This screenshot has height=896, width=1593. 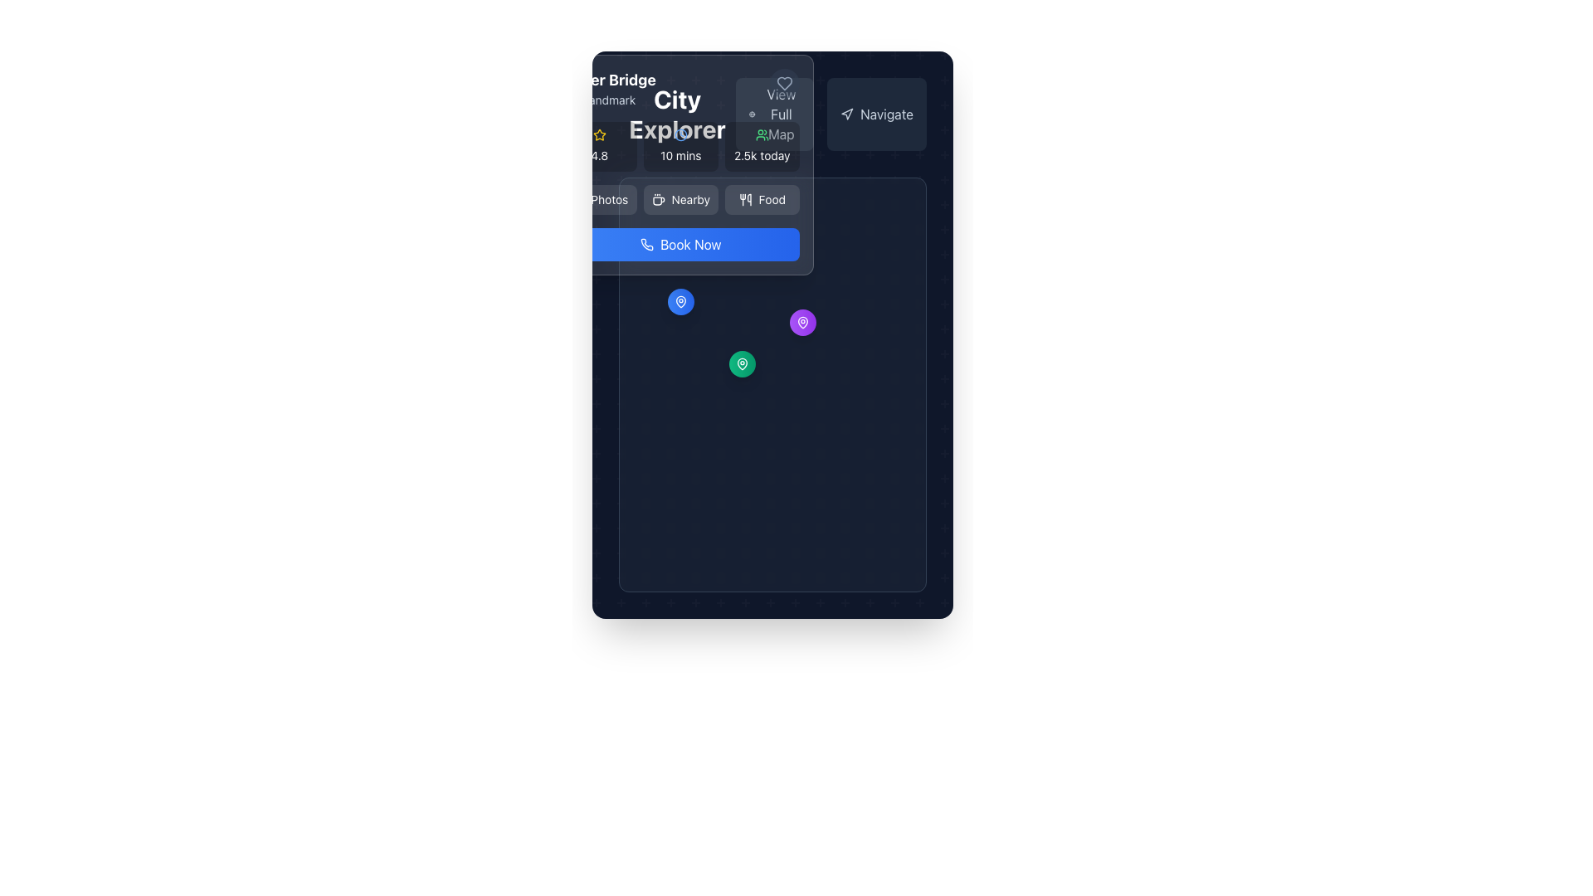 What do you see at coordinates (774, 114) in the screenshot?
I see `the button located in the top-right section of the interface, which is part of a horizontal group of buttons and positioned to the left of the 'Navigate' button` at bounding box center [774, 114].